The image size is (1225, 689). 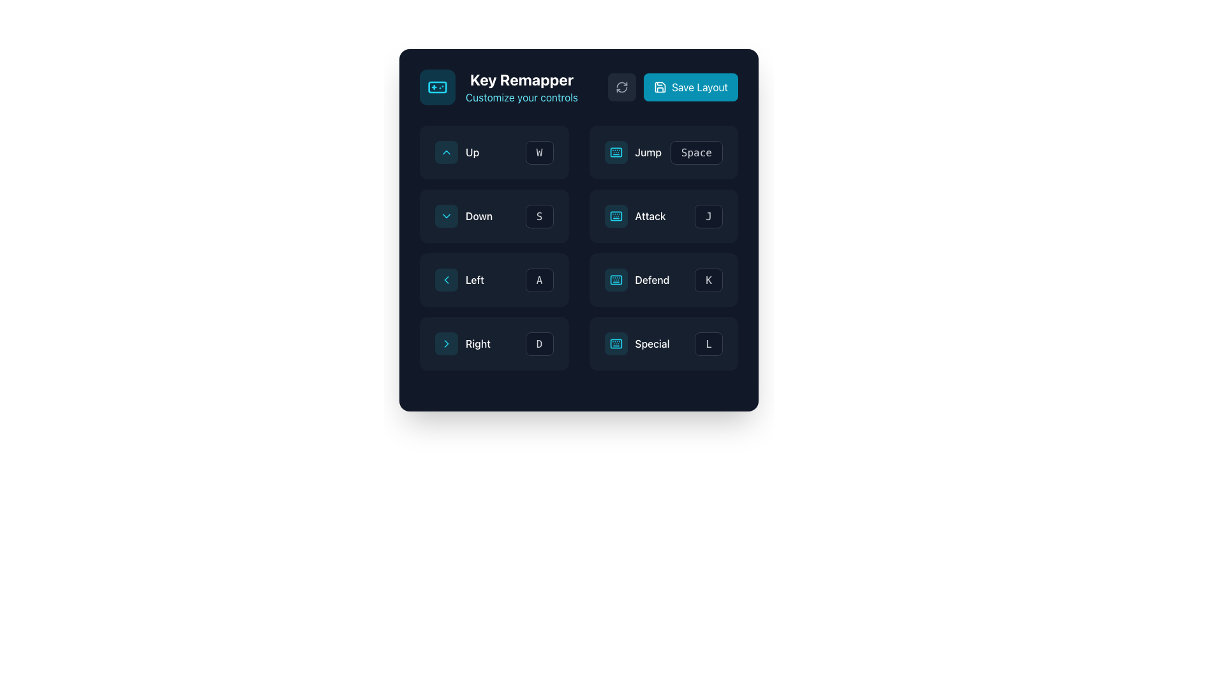 I want to click on the 'Attack' key binding button in the key remapping interface, so click(x=708, y=216).